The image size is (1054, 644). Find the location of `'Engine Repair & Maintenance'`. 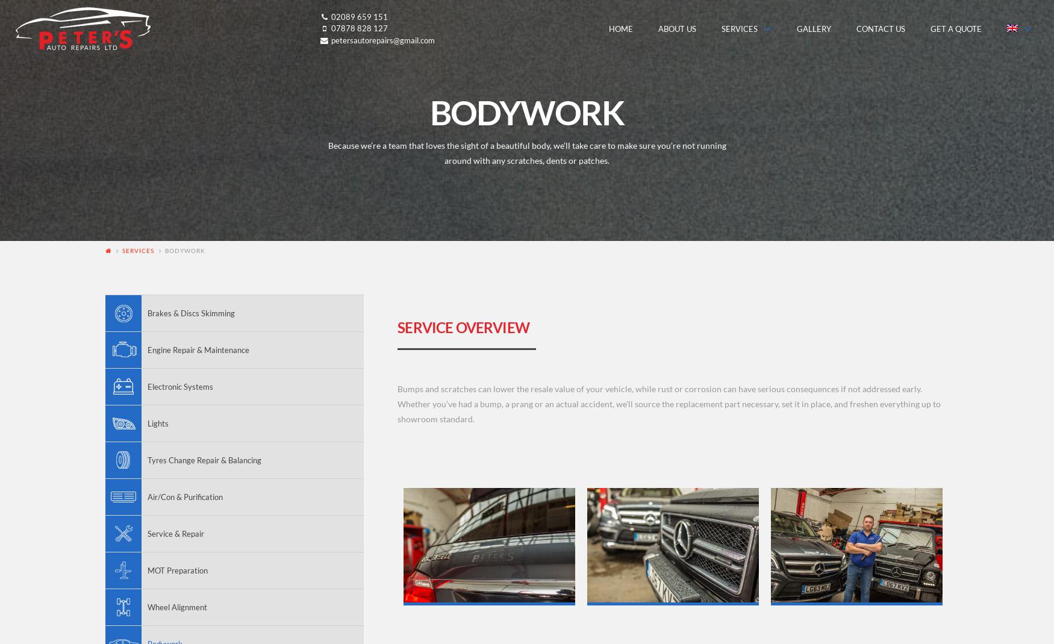

'Engine Repair & Maintenance' is located at coordinates (198, 350).